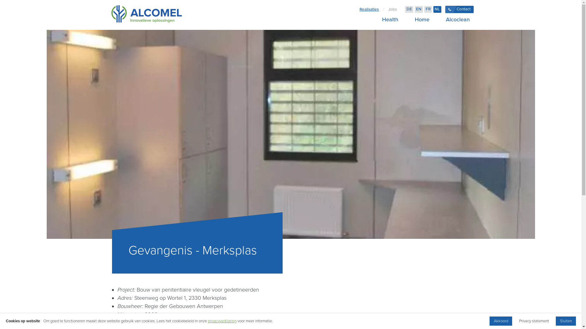 This screenshot has height=329, width=586. I want to click on 'Sluiten', so click(555, 320).